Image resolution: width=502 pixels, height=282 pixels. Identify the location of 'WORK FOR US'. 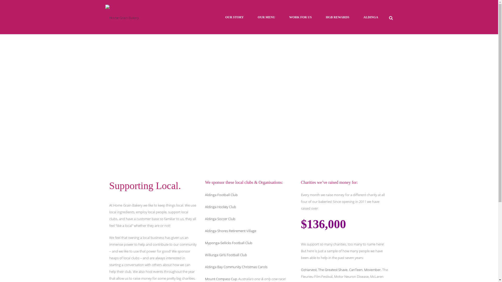
(300, 17).